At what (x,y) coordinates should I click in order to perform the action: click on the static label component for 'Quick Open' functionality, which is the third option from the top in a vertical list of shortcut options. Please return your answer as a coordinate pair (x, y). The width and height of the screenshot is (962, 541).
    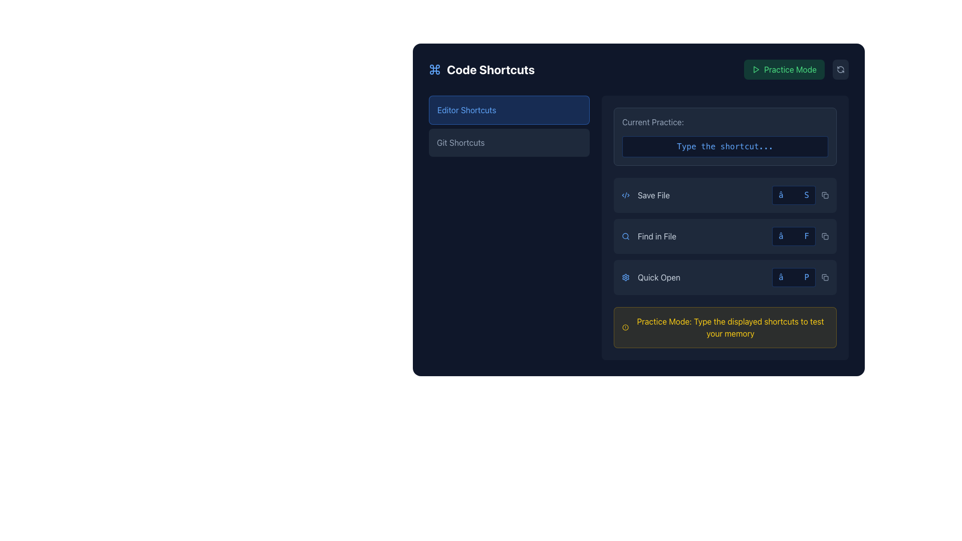
    Looking at the image, I should click on (651, 278).